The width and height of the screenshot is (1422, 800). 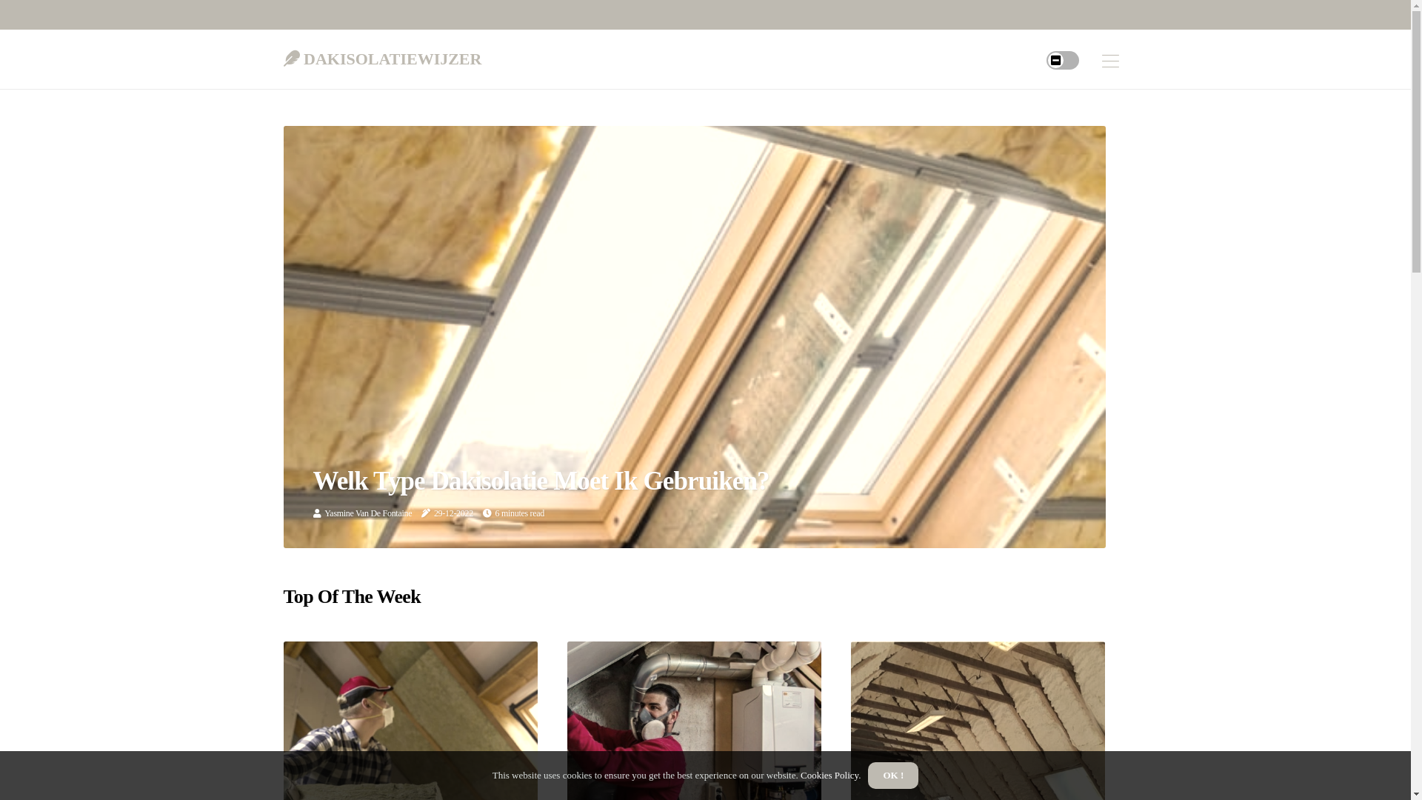 What do you see at coordinates (827, 774) in the screenshot?
I see `'Cookies Policy'` at bounding box center [827, 774].